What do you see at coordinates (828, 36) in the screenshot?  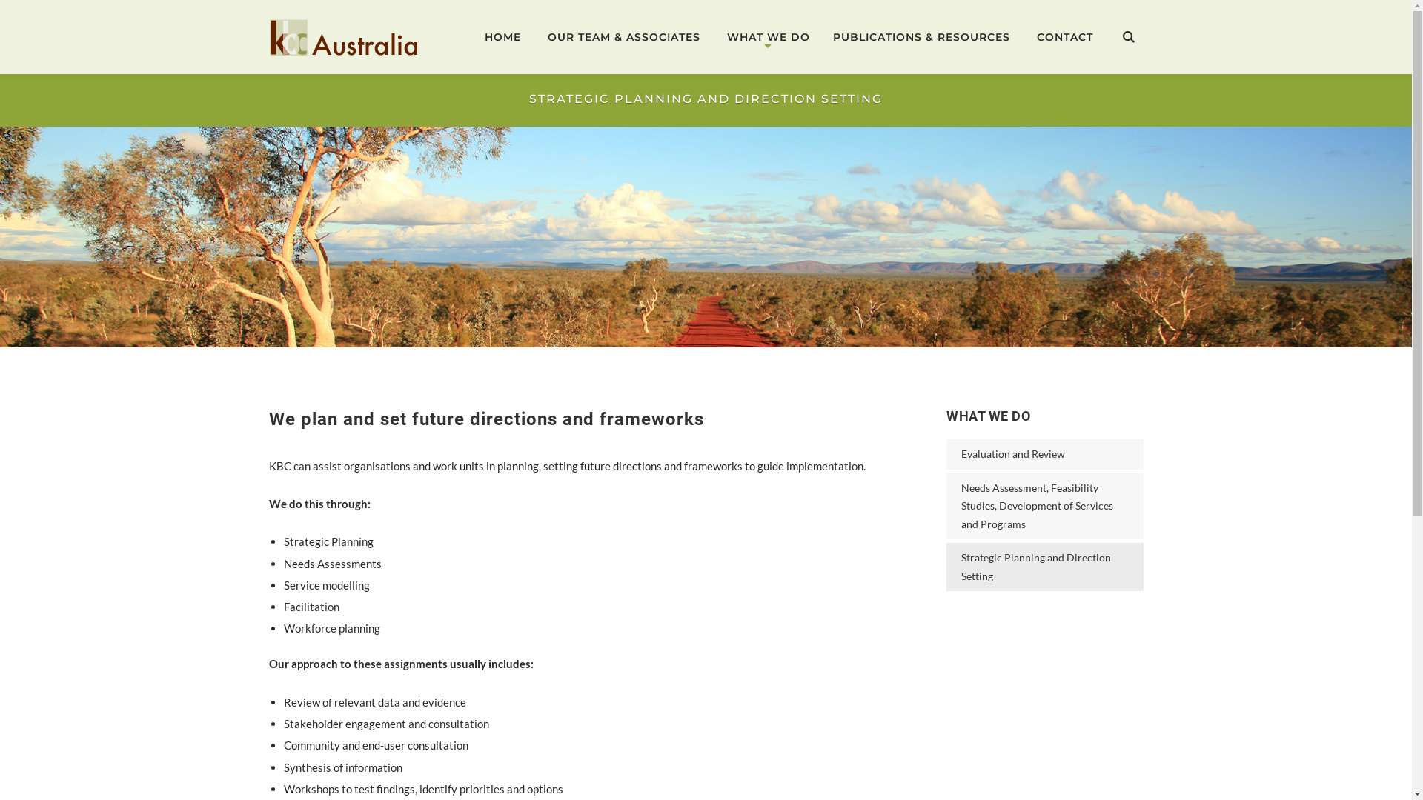 I see `'PUBLICATIONS & RESOURCES'` at bounding box center [828, 36].